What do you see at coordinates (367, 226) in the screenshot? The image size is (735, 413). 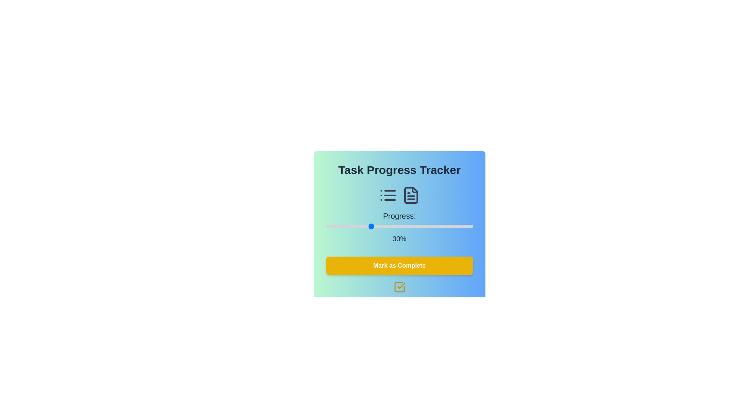 I see `the slider to set the progress to 28%` at bounding box center [367, 226].